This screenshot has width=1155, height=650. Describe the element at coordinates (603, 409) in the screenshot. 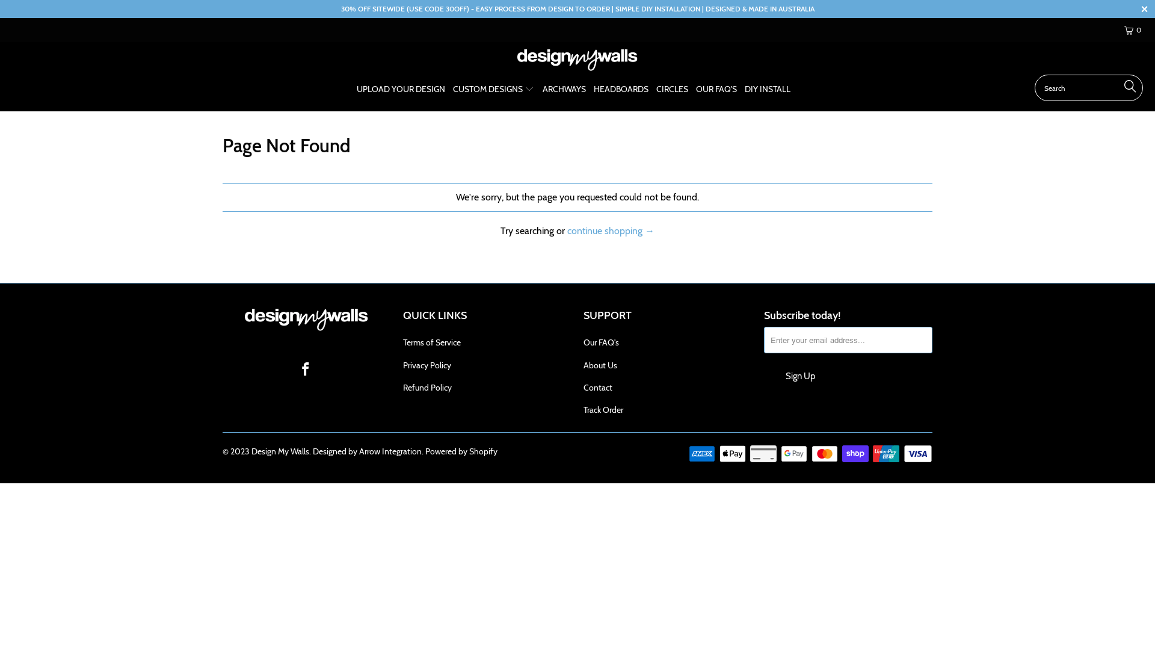

I see `'Track Order'` at that location.